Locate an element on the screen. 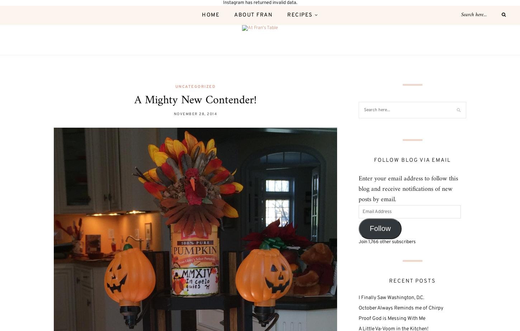  'Proof God is Messing With Me' is located at coordinates (392, 318).